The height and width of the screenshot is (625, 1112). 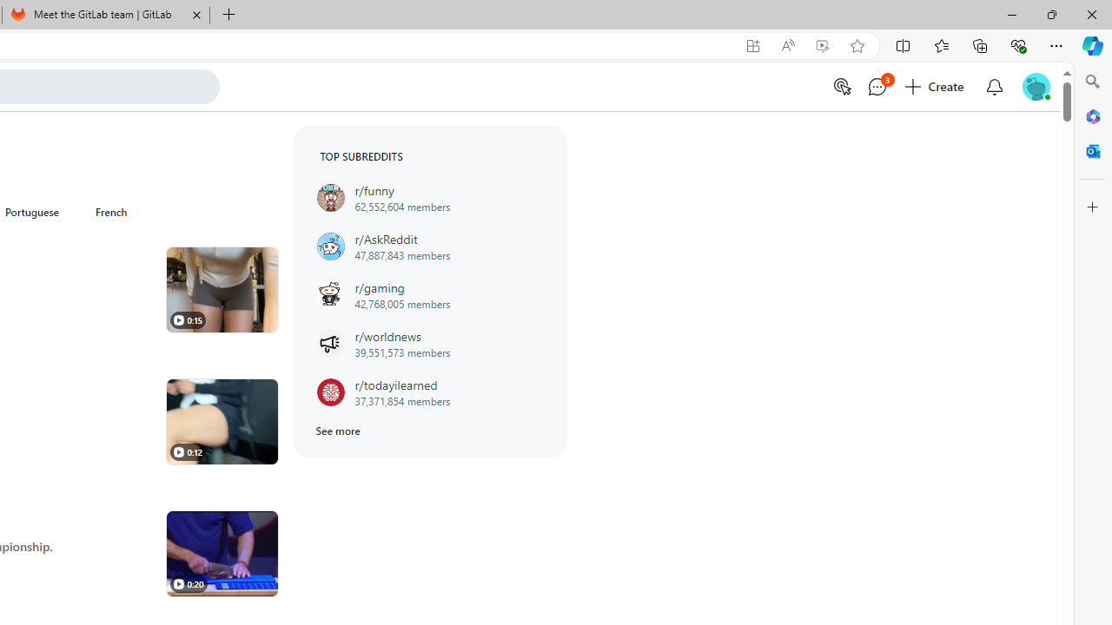 What do you see at coordinates (221, 289) in the screenshot?
I see `'r/lululemon - new haul(: '` at bounding box center [221, 289].